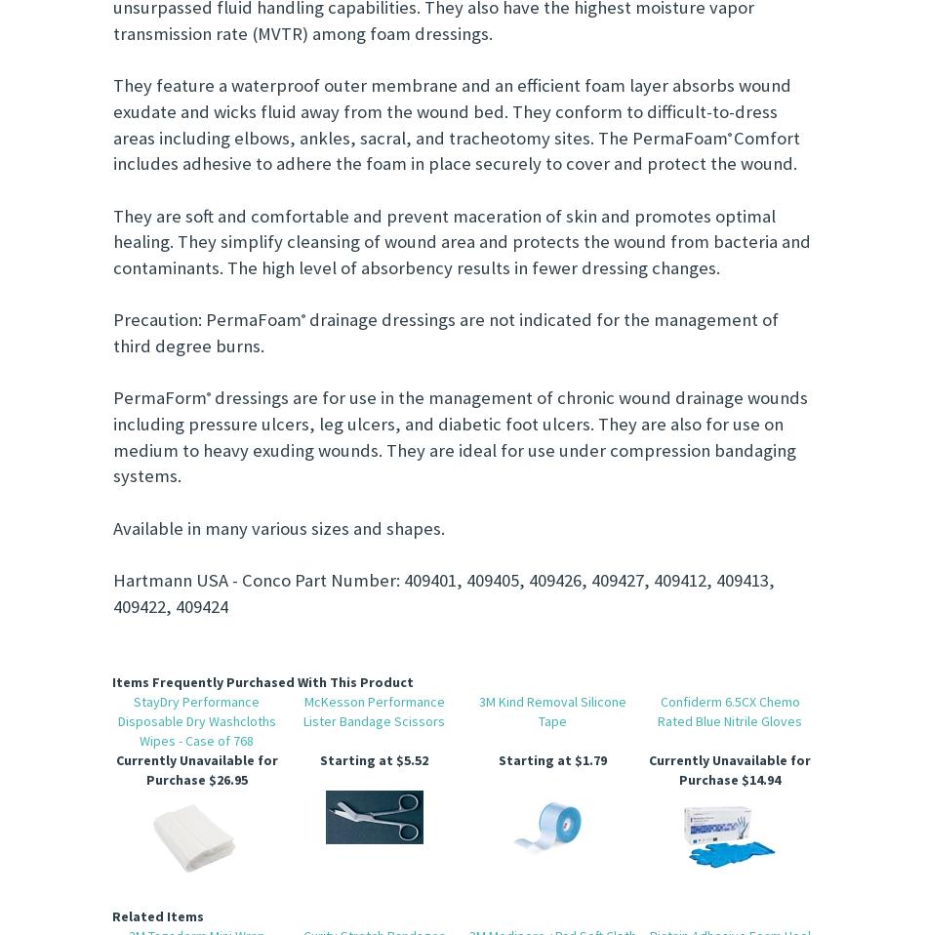 The width and height of the screenshot is (927, 935). Describe the element at coordinates (410, 760) in the screenshot. I see `'$5.52'` at that location.